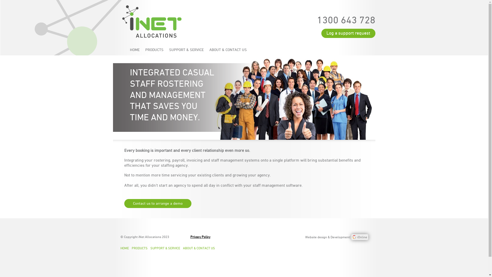 The height and width of the screenshot is (277, 492). What do you see at coordinates (200, 248) in the screenshot?
I see `'ABOUT & CONTACT US'` at bounding box center [200, 248].